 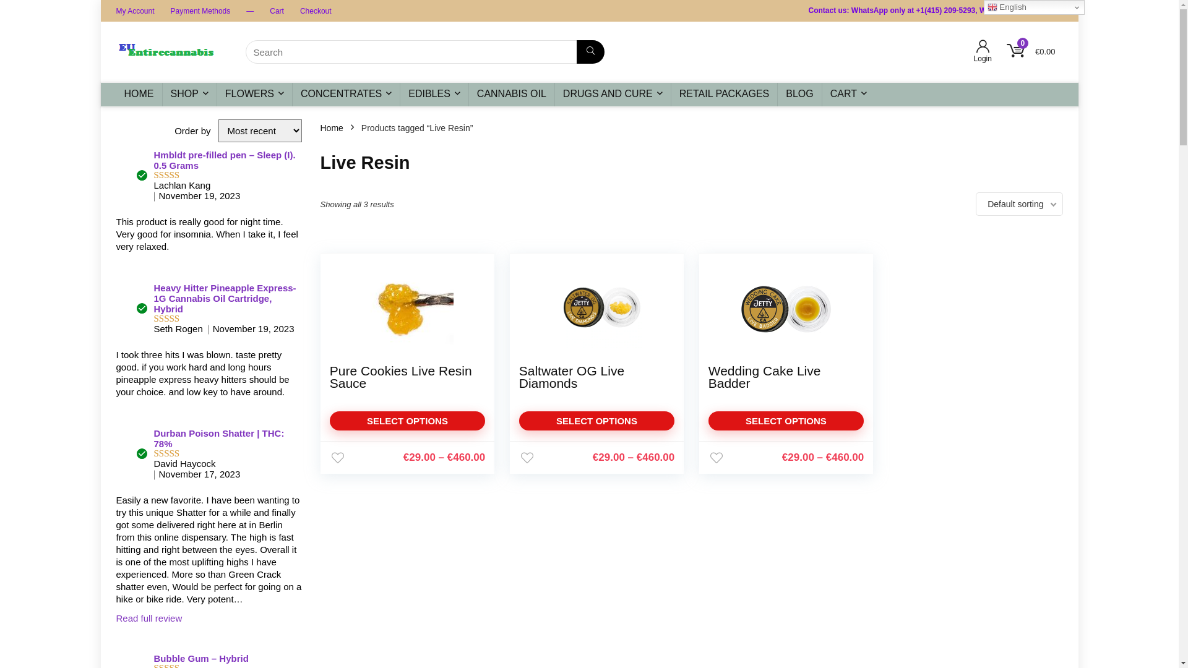 What do you see at coordinates (217, 94) in the screenshot?
I see `'FLOWERS'` at bounding box center [217, 94].